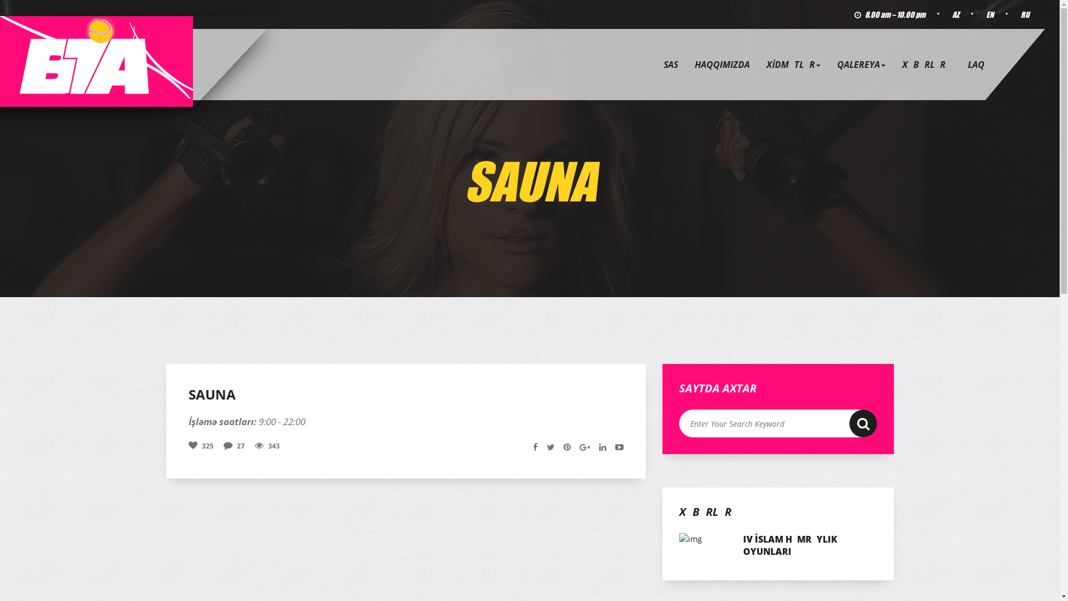  I want to click on '325', so click(200, 445).